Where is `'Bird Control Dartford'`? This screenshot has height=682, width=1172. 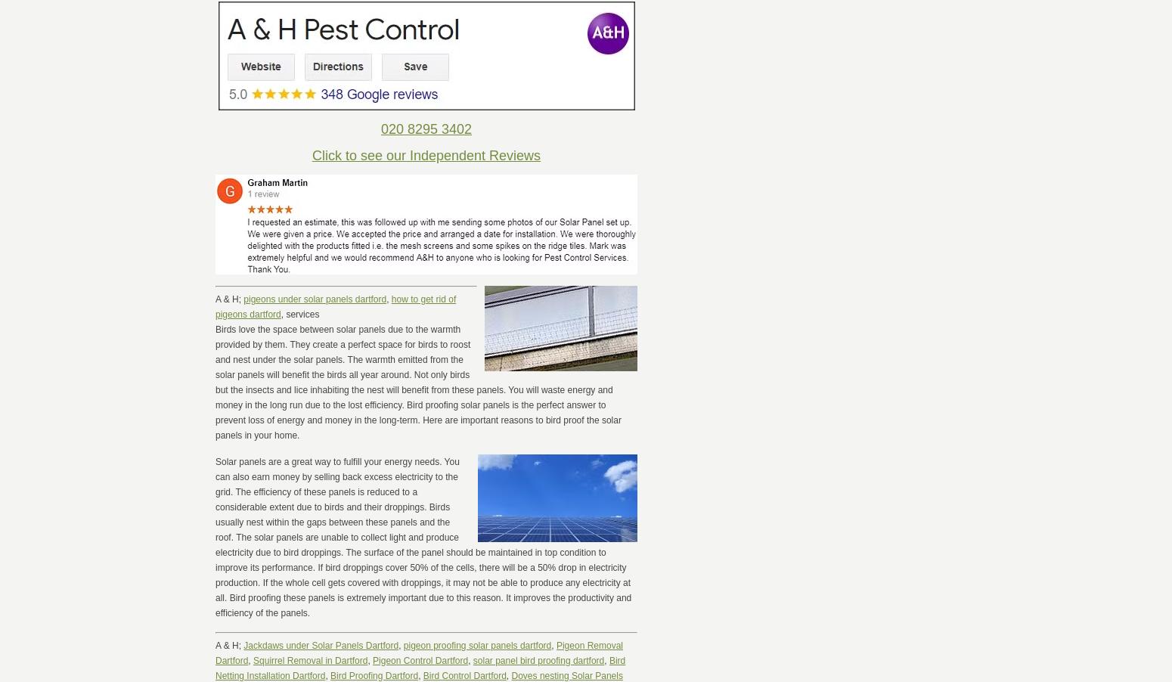
'Bird Control Dartford' is located at coordinates (464, 674).